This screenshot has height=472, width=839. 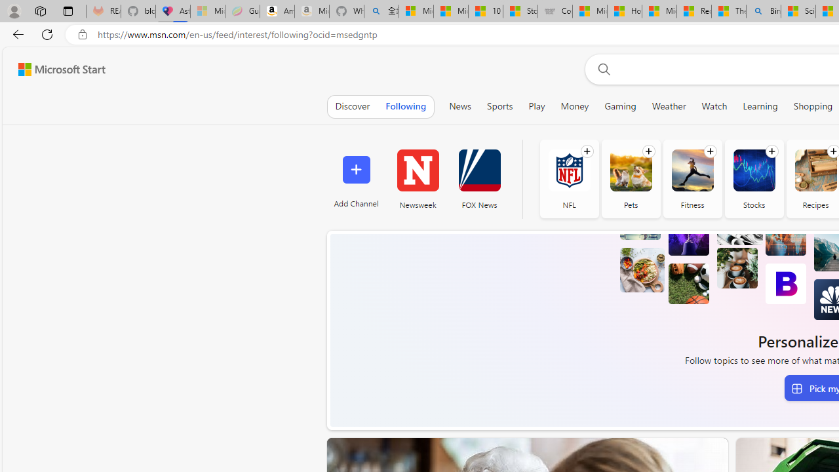 I want to click on 'Learning', so click(x=760, y=106).